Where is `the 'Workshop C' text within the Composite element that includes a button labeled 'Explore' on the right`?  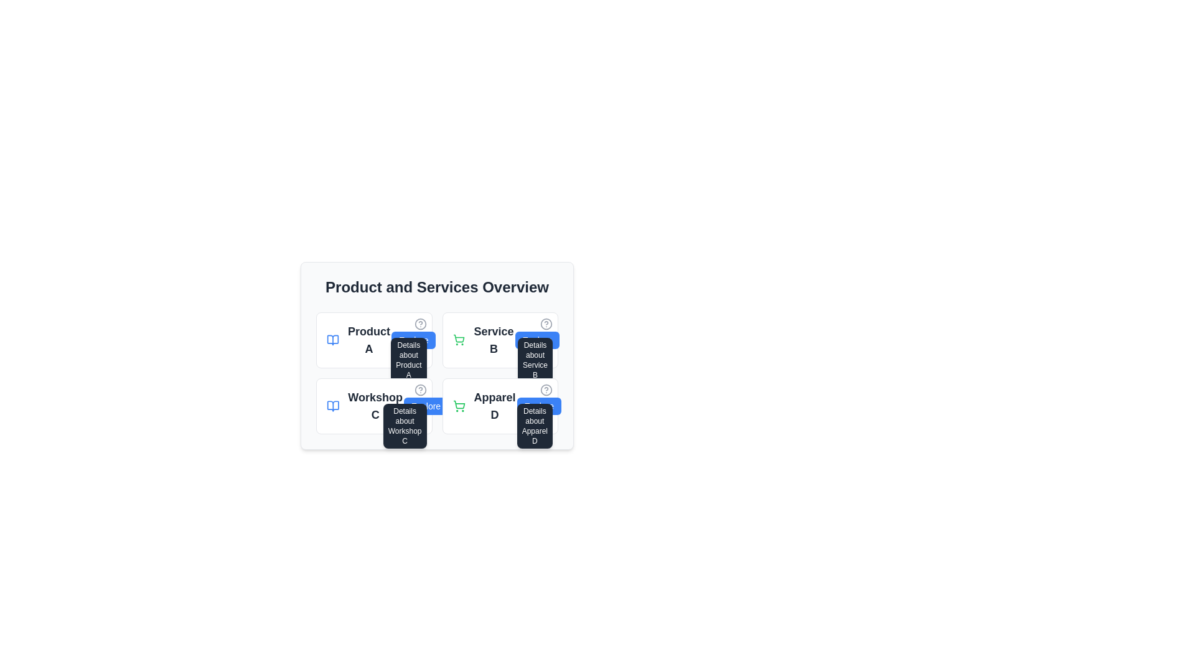
the 'Workshop C' text within the Composite element that includes a button labeled 'Explore' on the right is located at coordinates (373, 406).